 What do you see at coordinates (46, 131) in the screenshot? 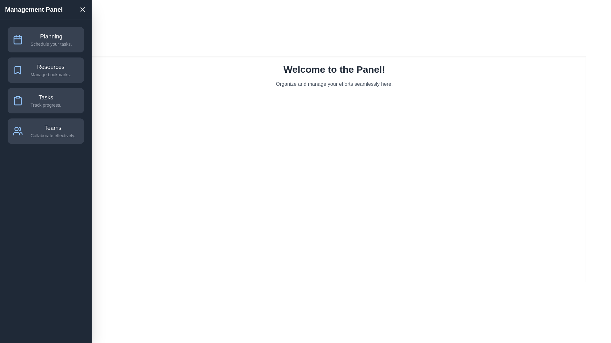
I see `the menu item Teams in the drawer` at bounding box center [46, 131].